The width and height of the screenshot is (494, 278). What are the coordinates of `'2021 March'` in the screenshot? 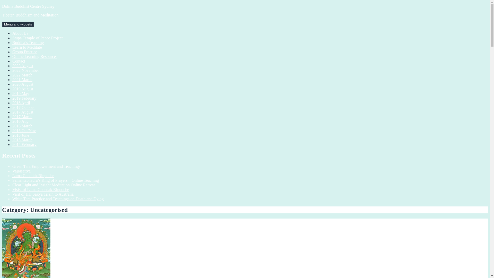 It's located at (12, 80).